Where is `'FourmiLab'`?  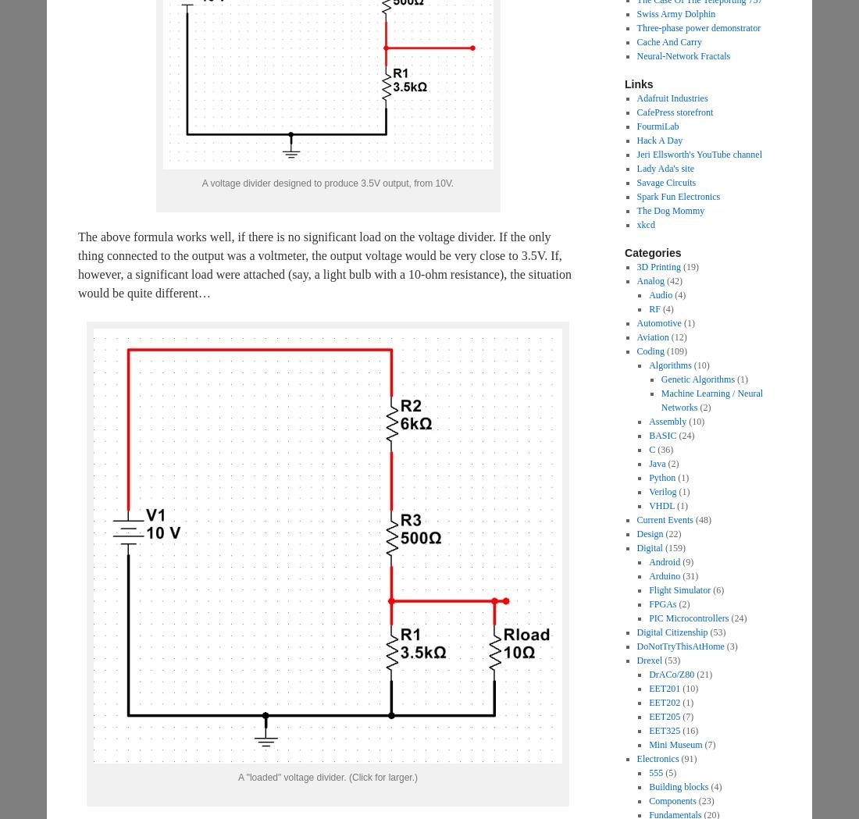
'FourmiLab' is located at coordinates (657, 126).